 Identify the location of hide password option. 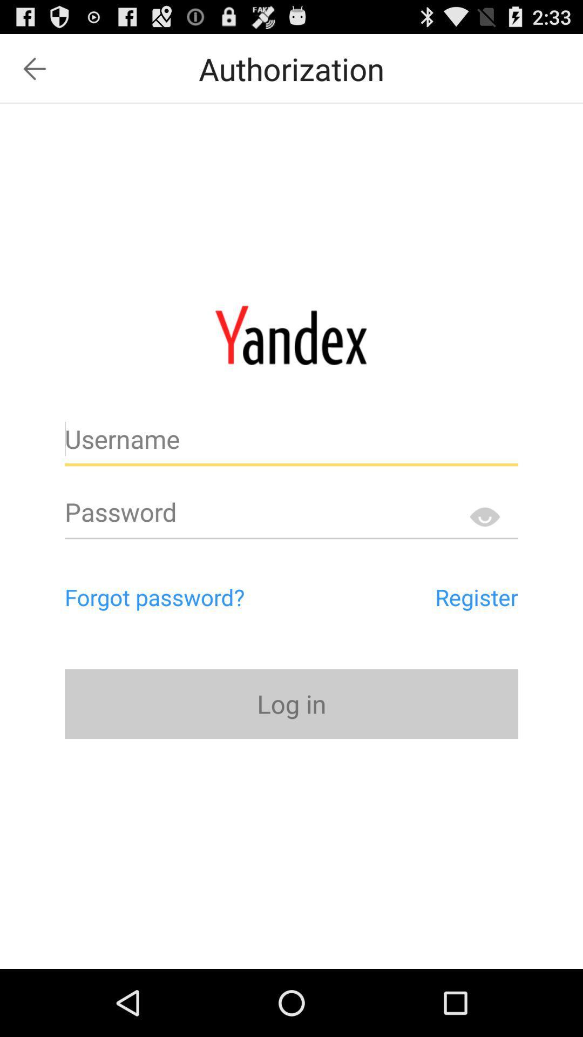
(484, 516).